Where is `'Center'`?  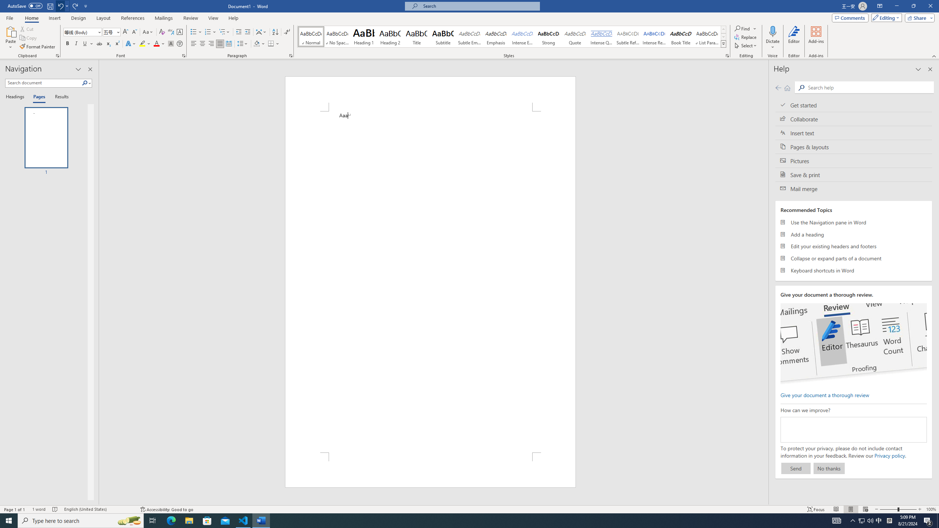
'Center' is located at coordinates (202, 43).